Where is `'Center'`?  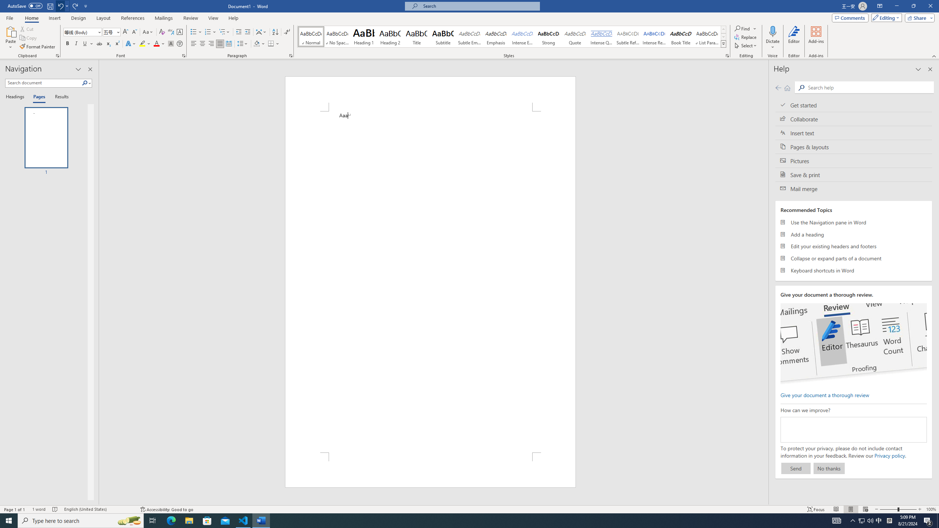
'Center' is located at coordinates (202, 43).